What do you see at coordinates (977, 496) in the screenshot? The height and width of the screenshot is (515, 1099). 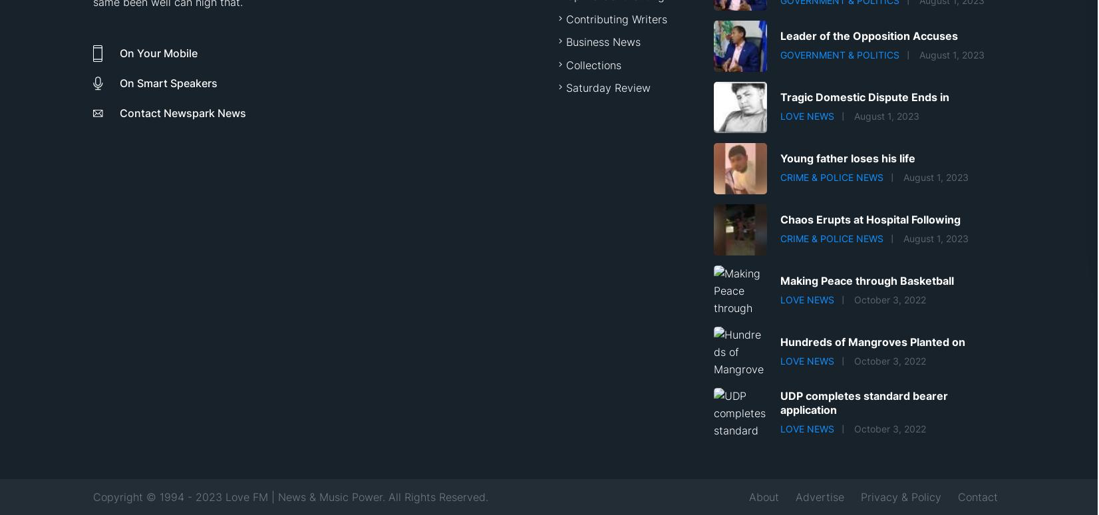 I see `'Contact'` at bounding box center [977, 496].